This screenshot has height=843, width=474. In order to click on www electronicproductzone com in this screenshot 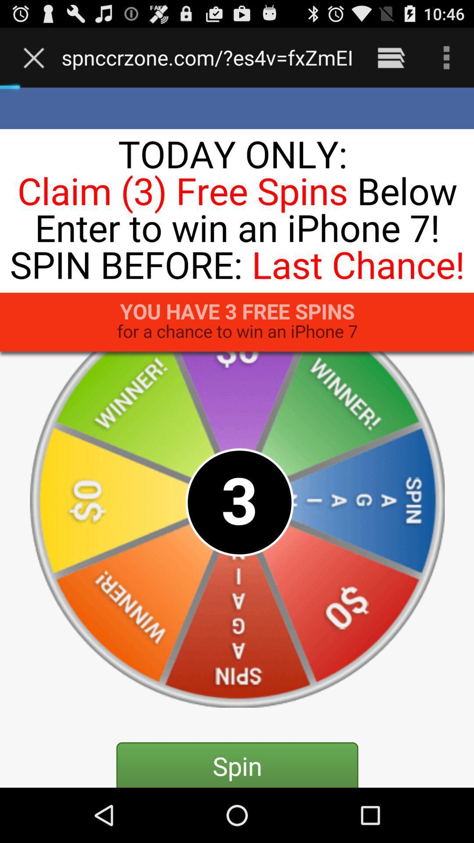, I will do `click(207, 57)`.